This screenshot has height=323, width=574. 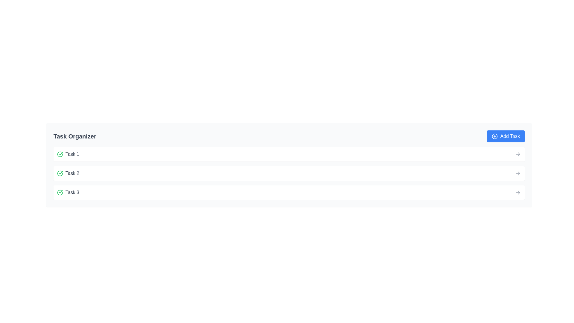 What do you see at coordinates (60, 173) in the screenshot?
I see `the completion status icon for 'Task 2', which is located to the left of the text 'Task 2' in the second row of the task list` at bounding box center [60, 173].